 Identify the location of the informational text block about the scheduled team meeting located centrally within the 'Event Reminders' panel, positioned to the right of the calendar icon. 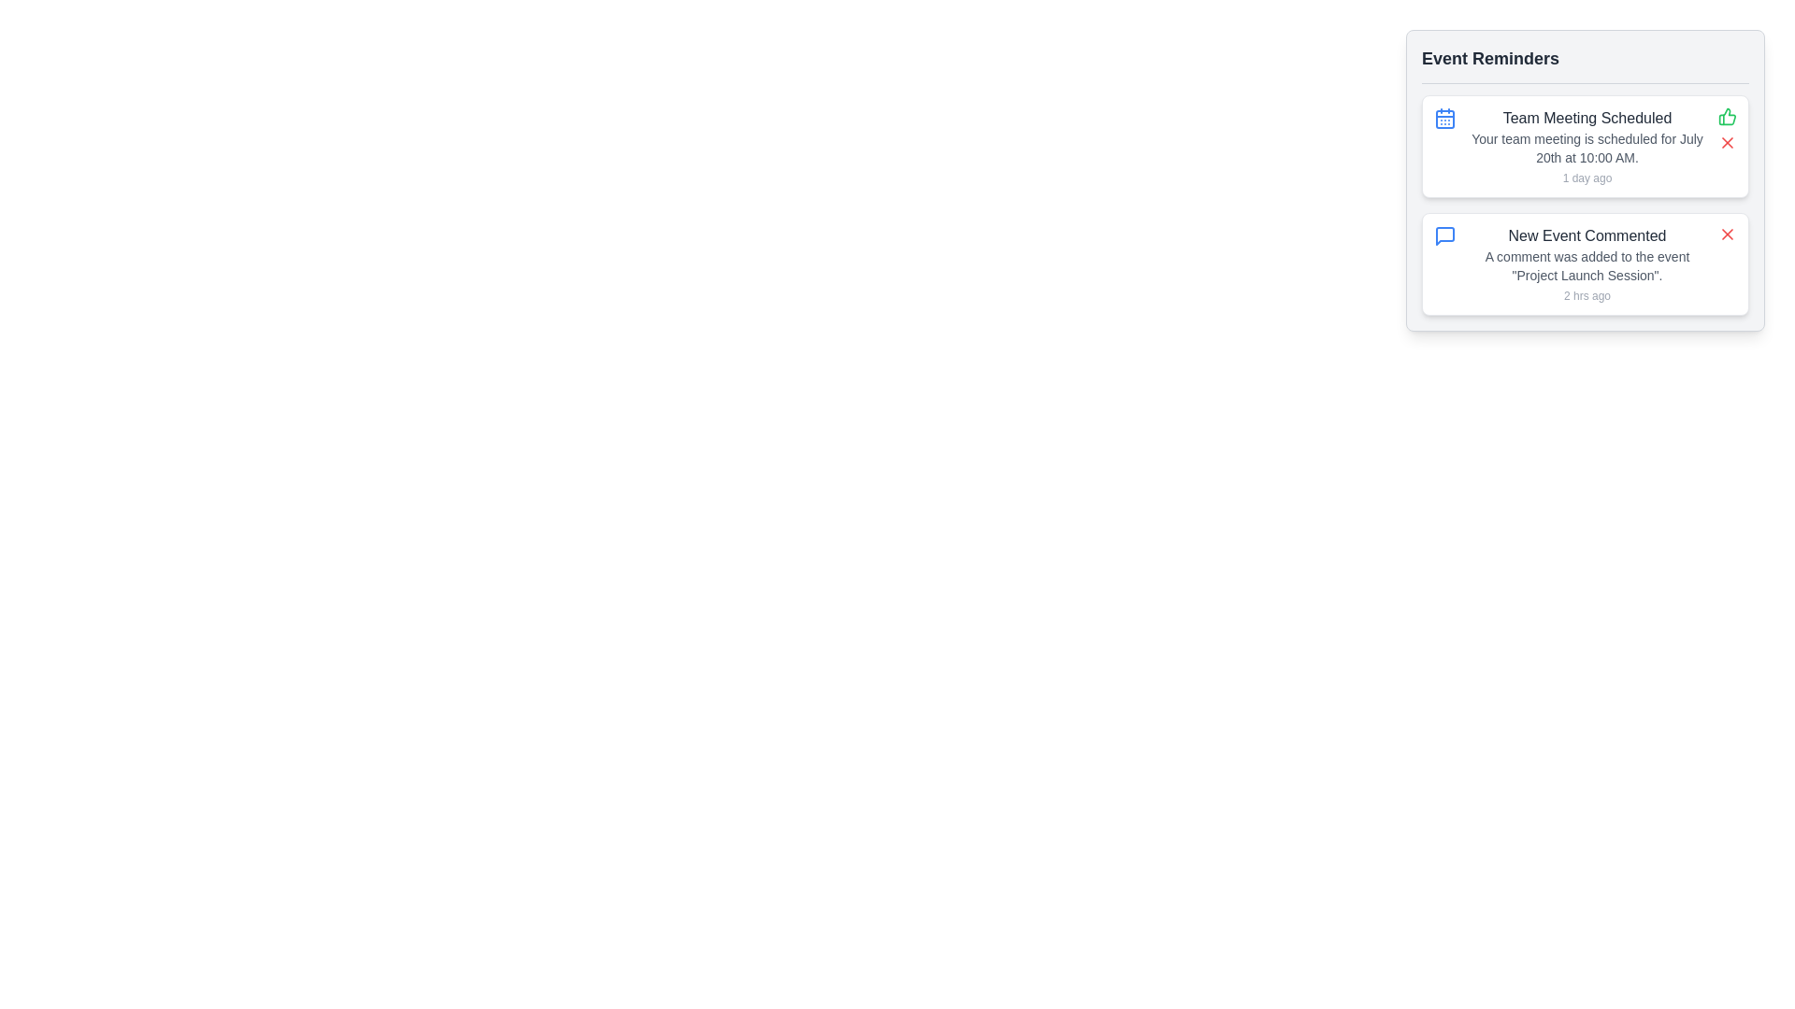
(1587, 146).